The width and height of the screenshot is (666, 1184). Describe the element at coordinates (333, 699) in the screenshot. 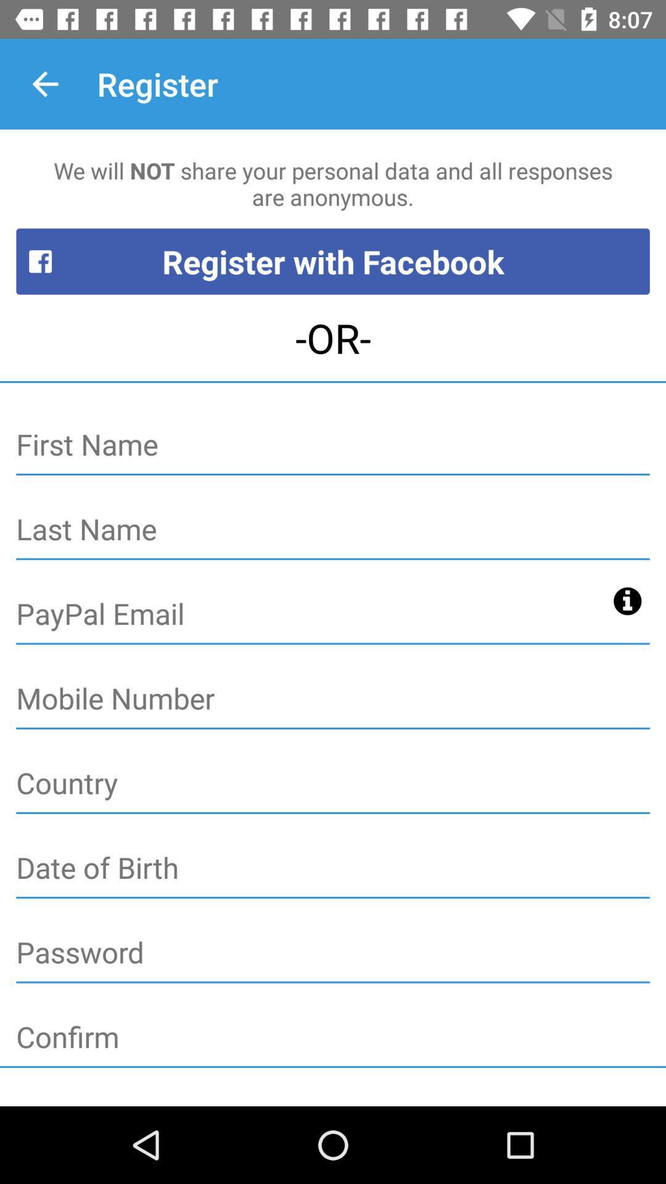

I see `your mobile number` at that location.